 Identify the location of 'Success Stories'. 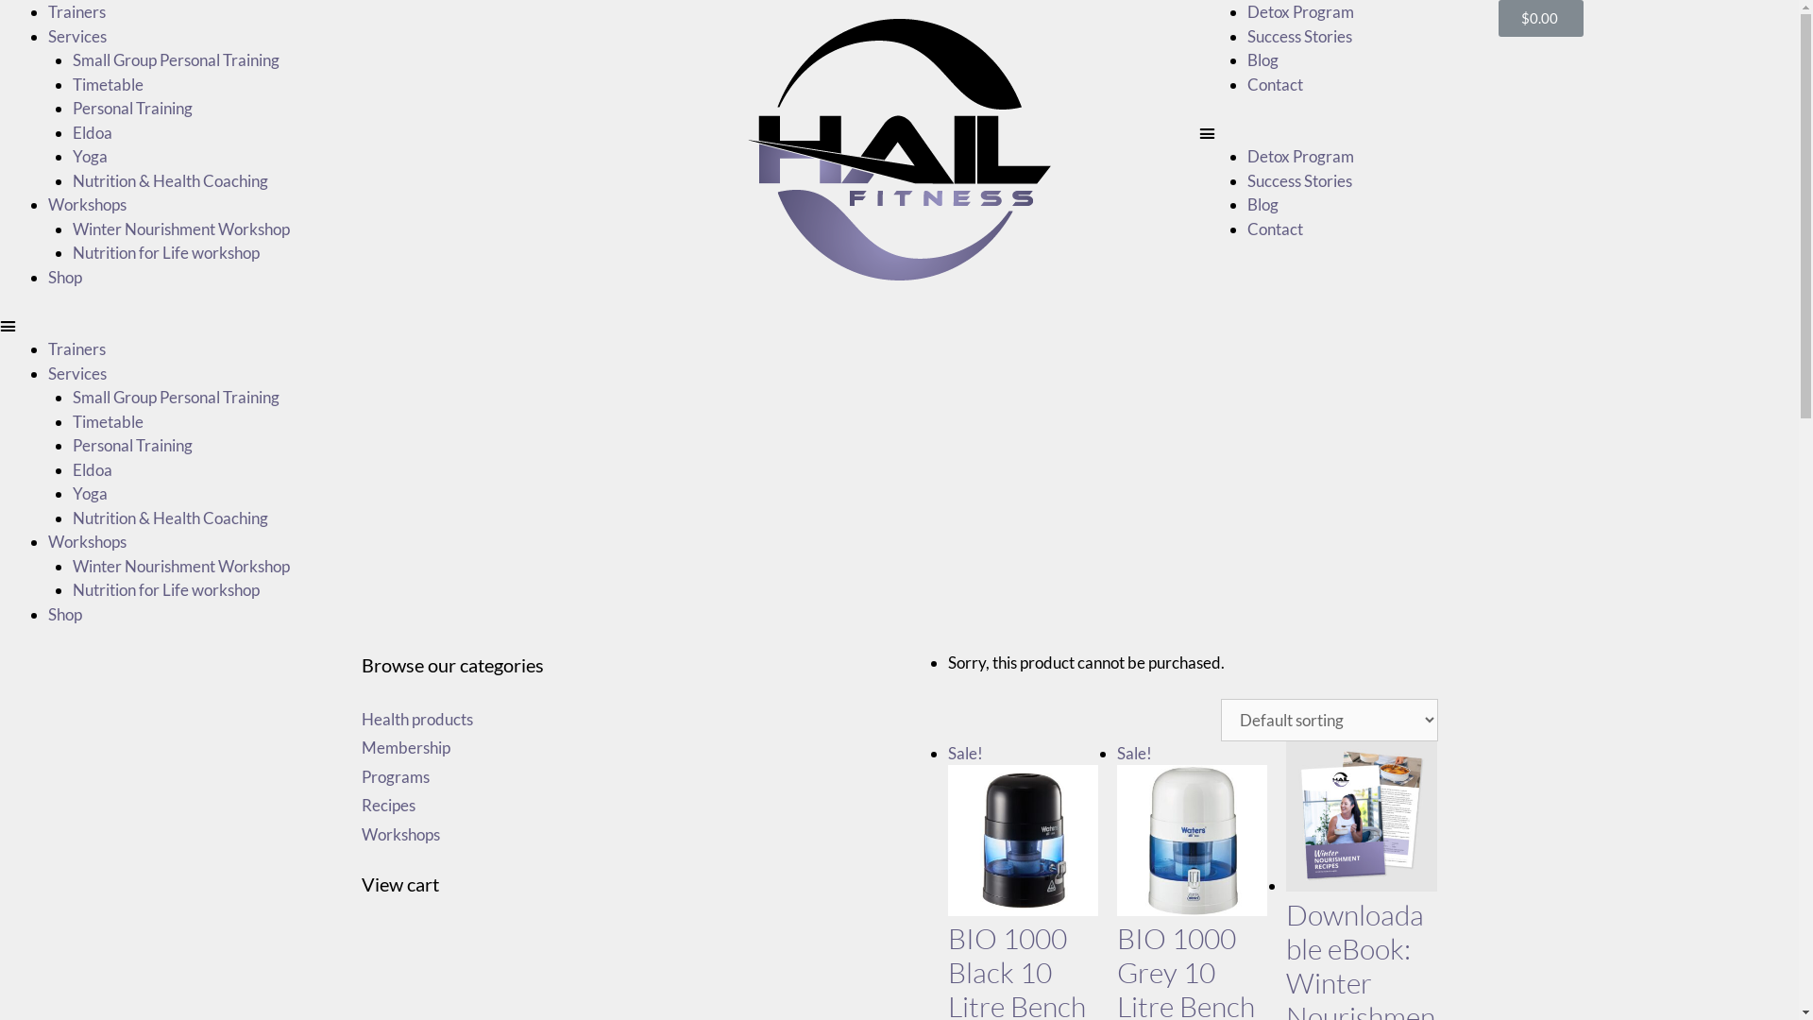
(1298, 36).